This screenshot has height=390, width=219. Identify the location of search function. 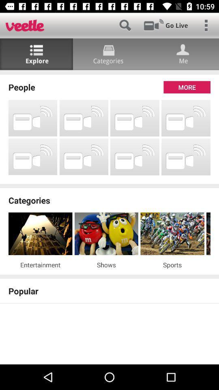
(125, 25).